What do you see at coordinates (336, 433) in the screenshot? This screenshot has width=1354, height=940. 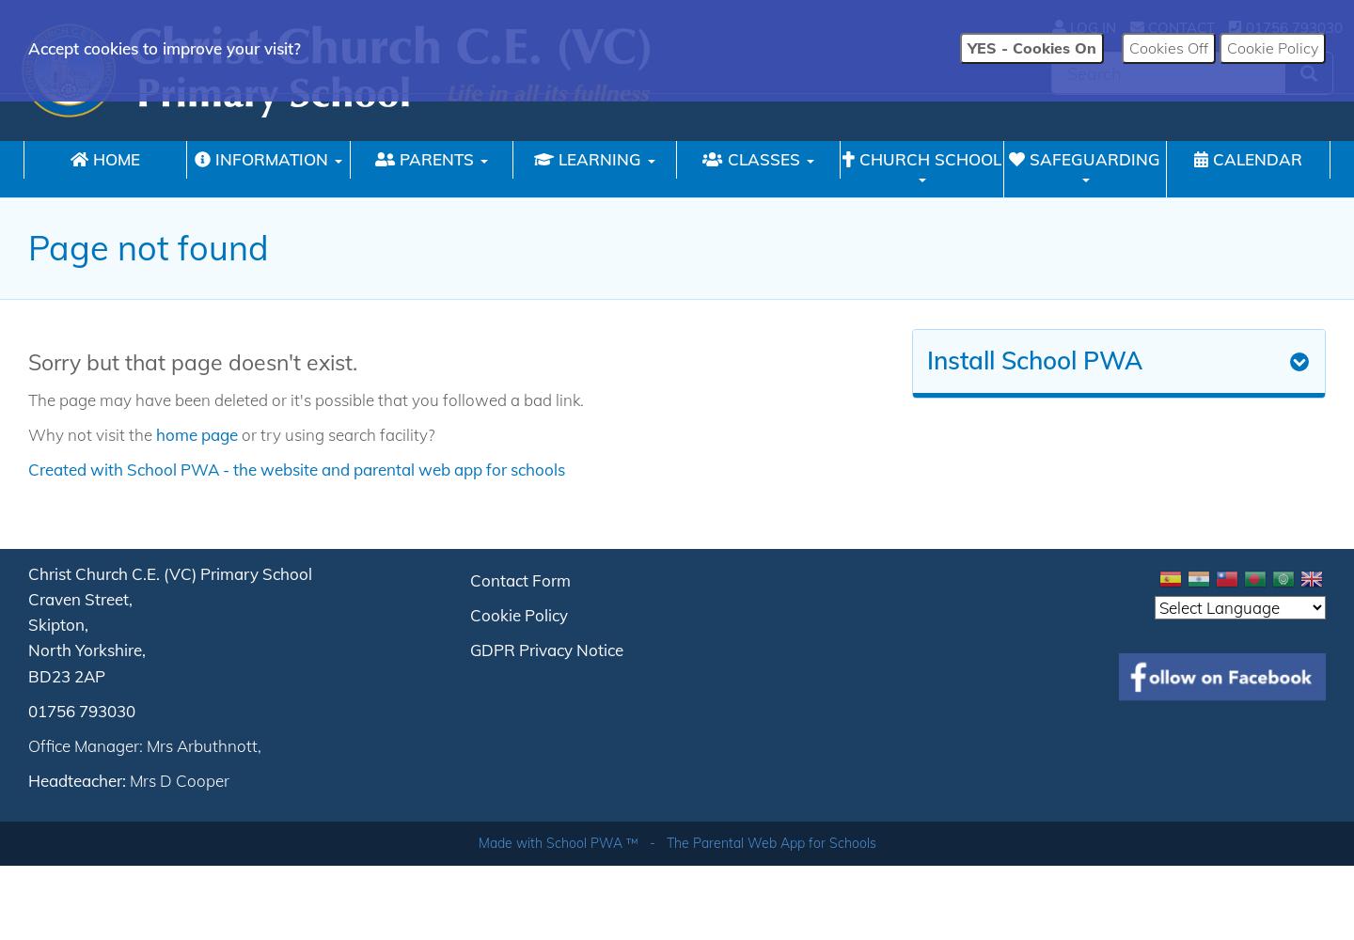 I see `'or try using search facility?'` at bounding box center [336, 433].